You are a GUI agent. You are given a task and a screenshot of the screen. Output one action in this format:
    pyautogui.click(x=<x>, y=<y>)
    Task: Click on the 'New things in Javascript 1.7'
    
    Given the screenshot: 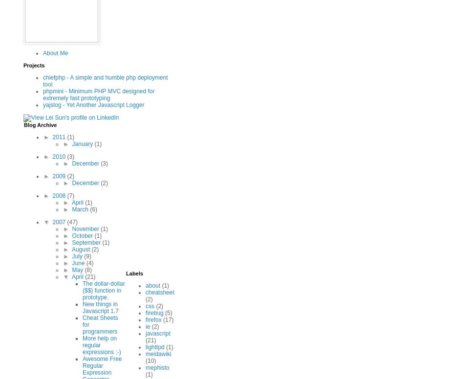 What is the action you would take?
    pyautogui.click(x=100, y=307)
    